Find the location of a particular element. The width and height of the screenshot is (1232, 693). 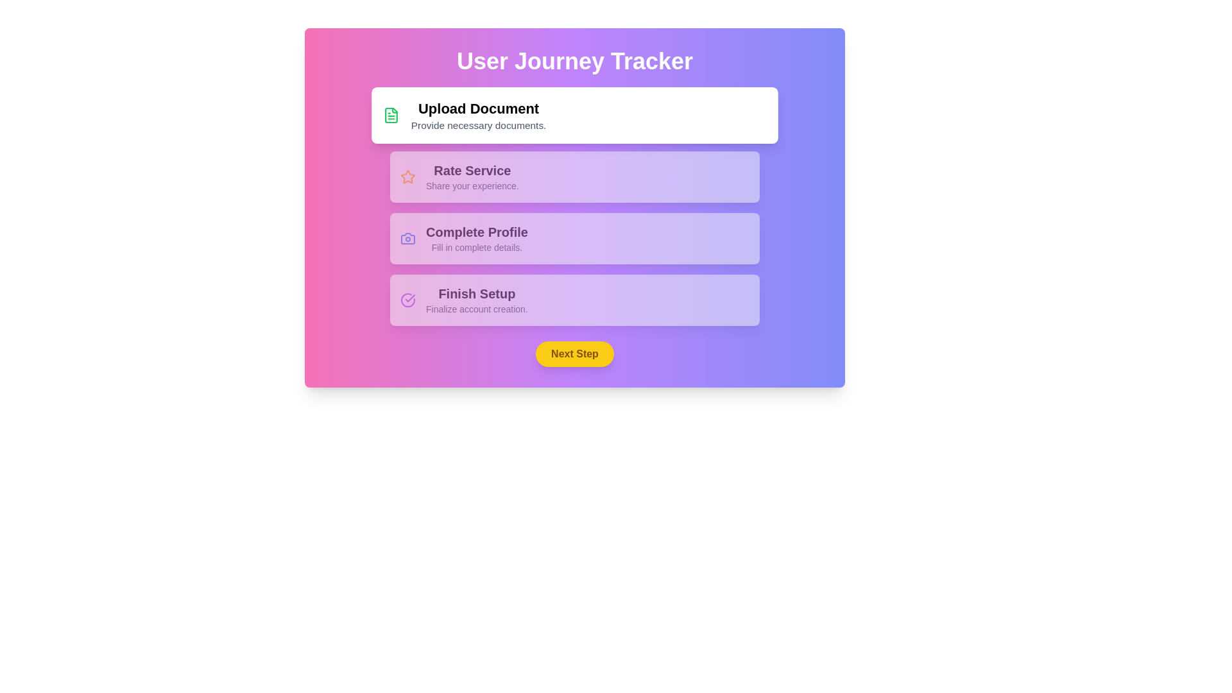

the bold, large-sized text displaying 'User Journey Tracker' in white font, located at the top of the interface with a gradient background transitioning from pink to purple is located at coordinates (574, 62).